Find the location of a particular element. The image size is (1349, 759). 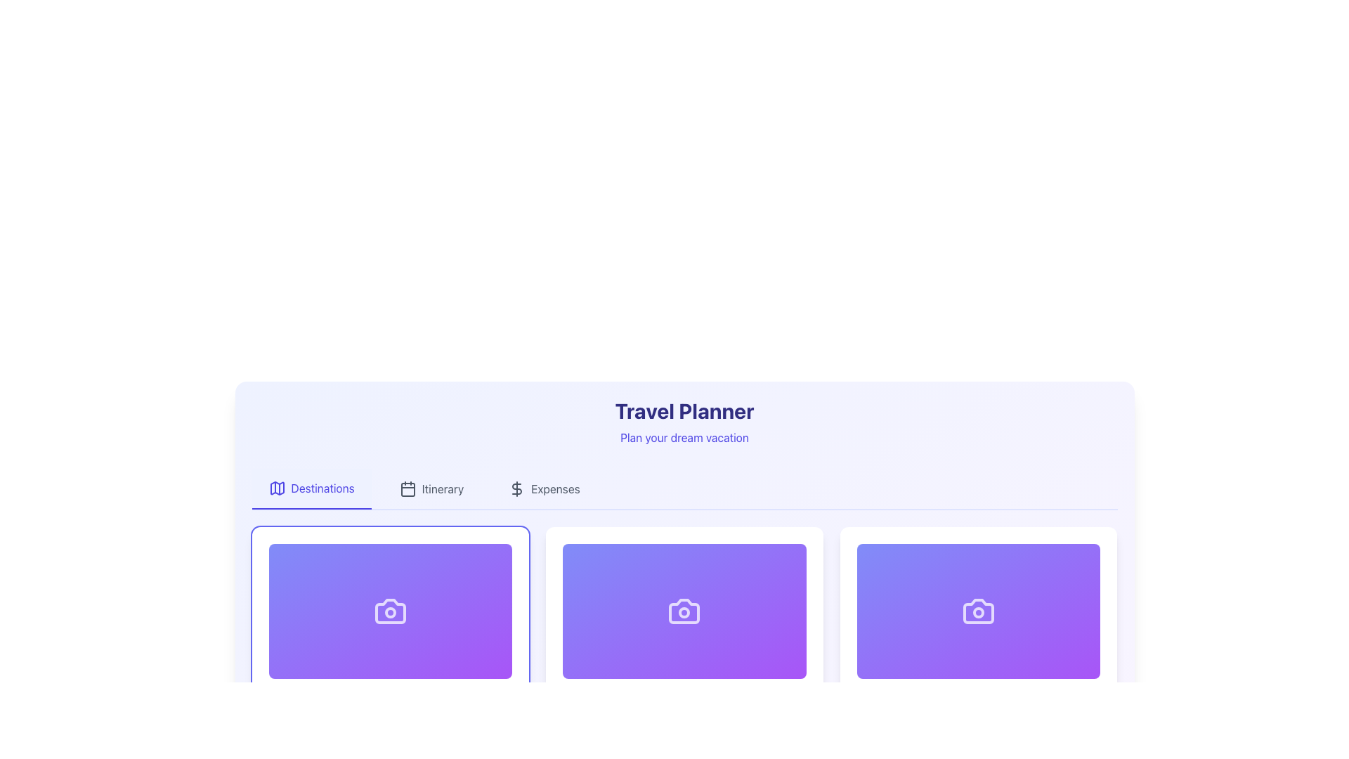

the 'Destinations' text label is located at coordinates (322, 487).